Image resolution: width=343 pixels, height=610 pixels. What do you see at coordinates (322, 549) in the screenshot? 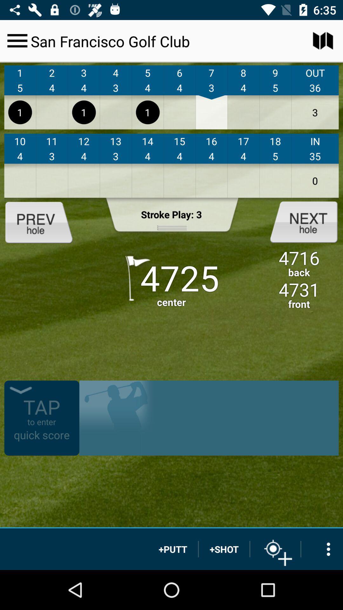
I see `settings` at bounding box center [322, 549].